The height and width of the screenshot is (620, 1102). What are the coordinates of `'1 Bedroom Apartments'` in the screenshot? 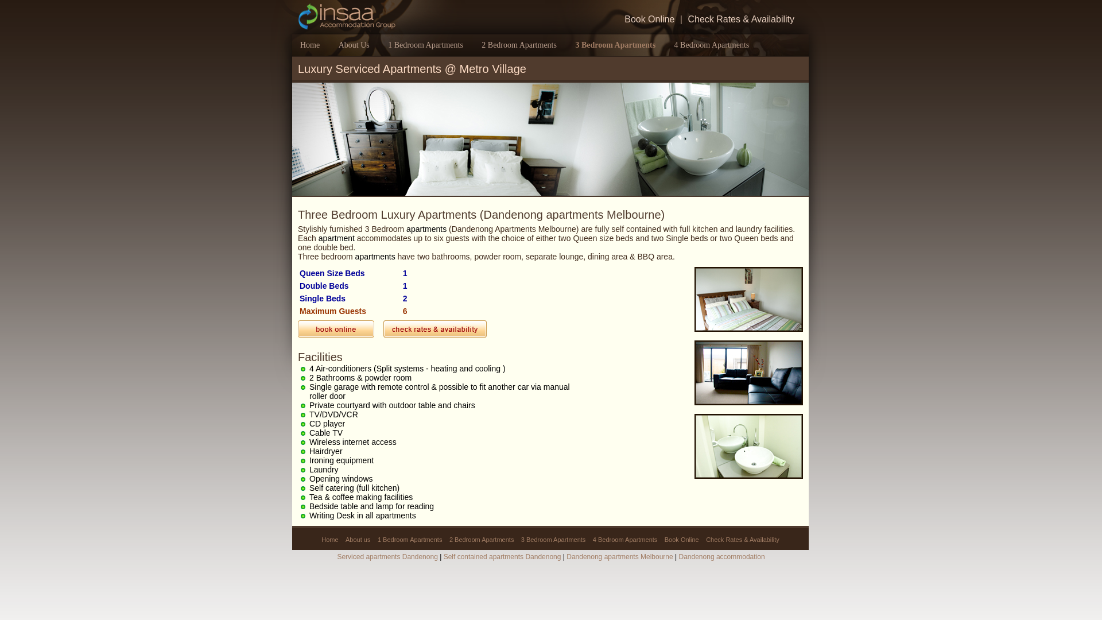 It's located at (425, 44).